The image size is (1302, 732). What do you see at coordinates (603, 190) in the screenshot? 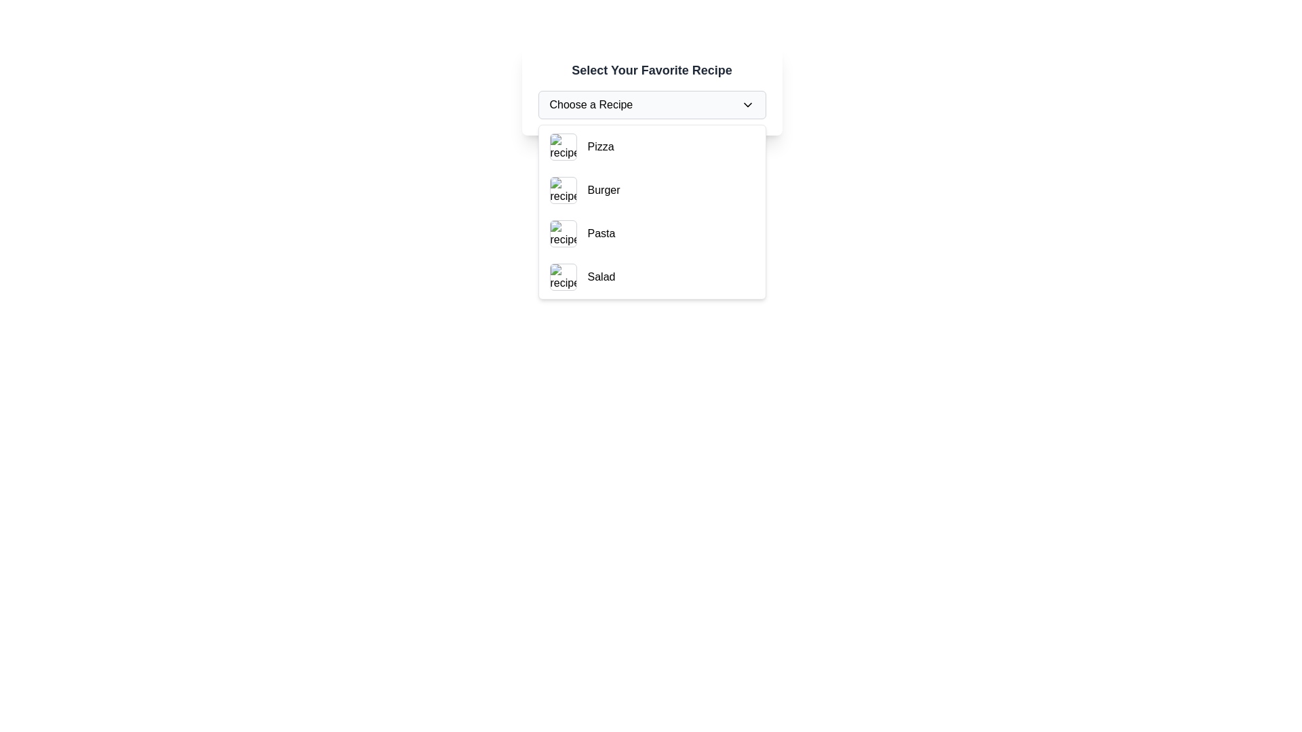
I see `the textual label displaying the word 'Burger'` at bounding box center [603, 190].